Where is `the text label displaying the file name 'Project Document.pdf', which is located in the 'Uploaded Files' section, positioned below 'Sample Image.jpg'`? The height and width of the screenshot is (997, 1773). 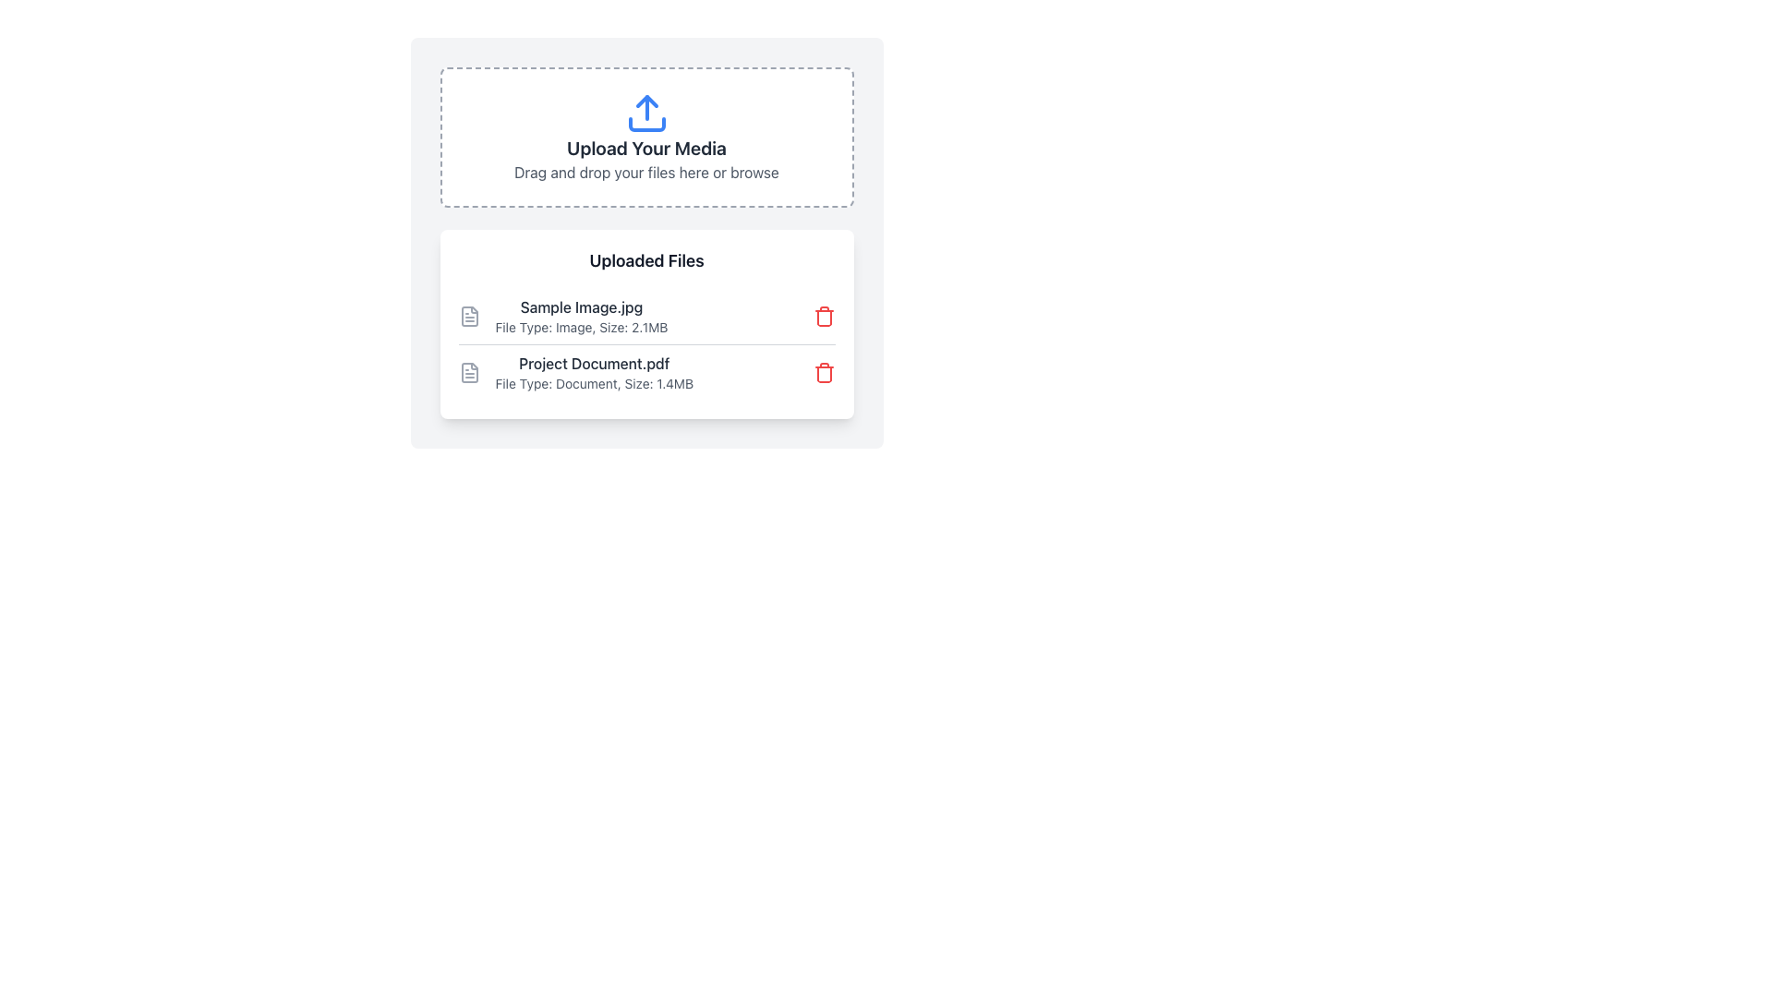
the text label displaying the file name 'Project Document.pdf', which is located in the 'Uploaded Files' section, positioned below 'Sample Image.jpg' is located at coordinates (594, 363).